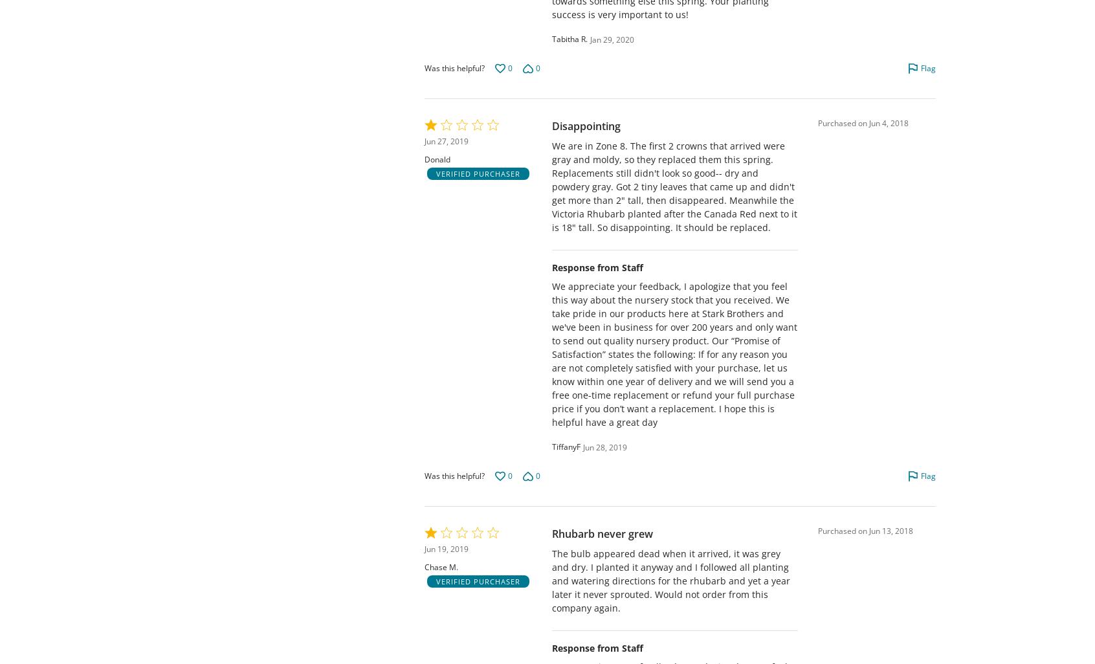 The height and width of the screenshot is (664, 1095). I want to click on 'Jun 28, 2019', so click(604, 446).